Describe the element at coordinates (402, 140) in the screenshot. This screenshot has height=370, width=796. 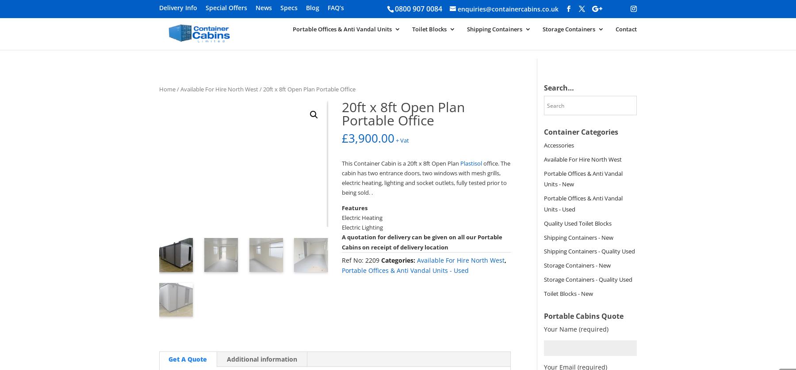
I see `'+ Vat'` at that location.